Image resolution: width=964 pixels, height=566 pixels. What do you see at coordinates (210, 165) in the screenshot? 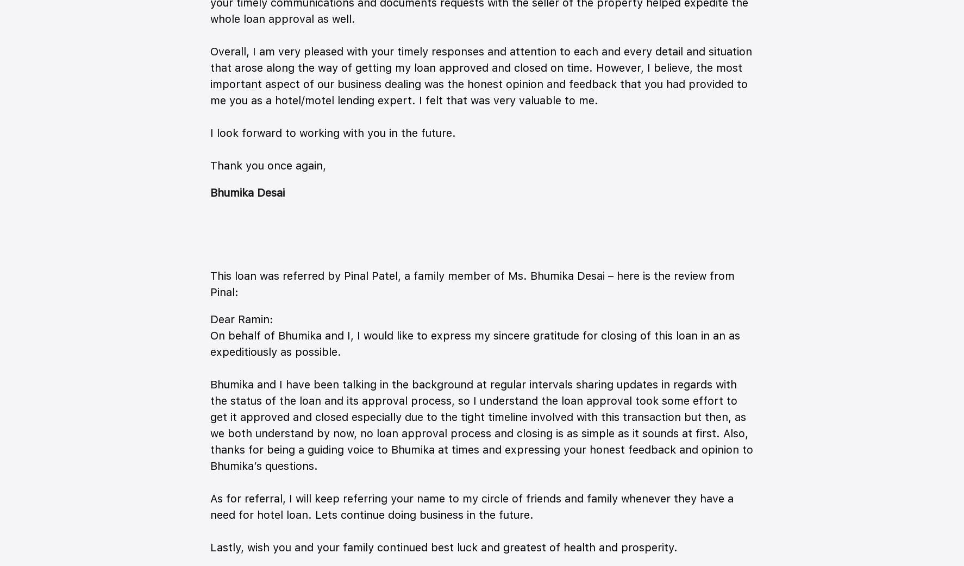
I see `'Thank you once again,'` at bounding box center [210, 165].